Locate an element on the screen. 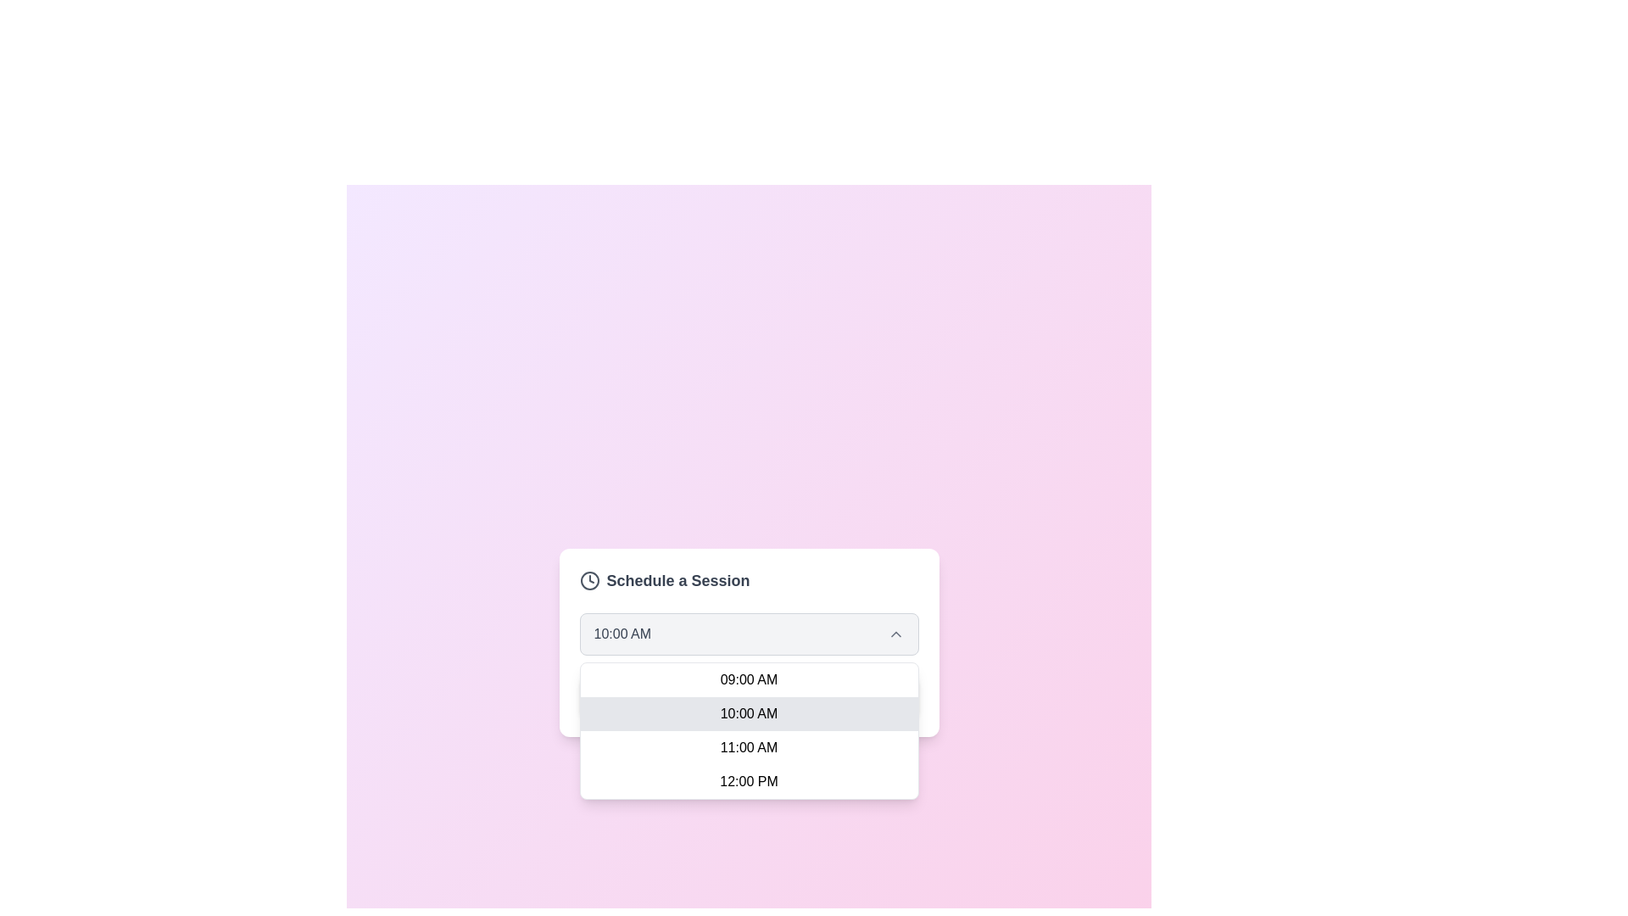 This screenshot has height=916, width=1628. the 'Schedule a Session' drop-down menu is located at coordinates (748, 643).